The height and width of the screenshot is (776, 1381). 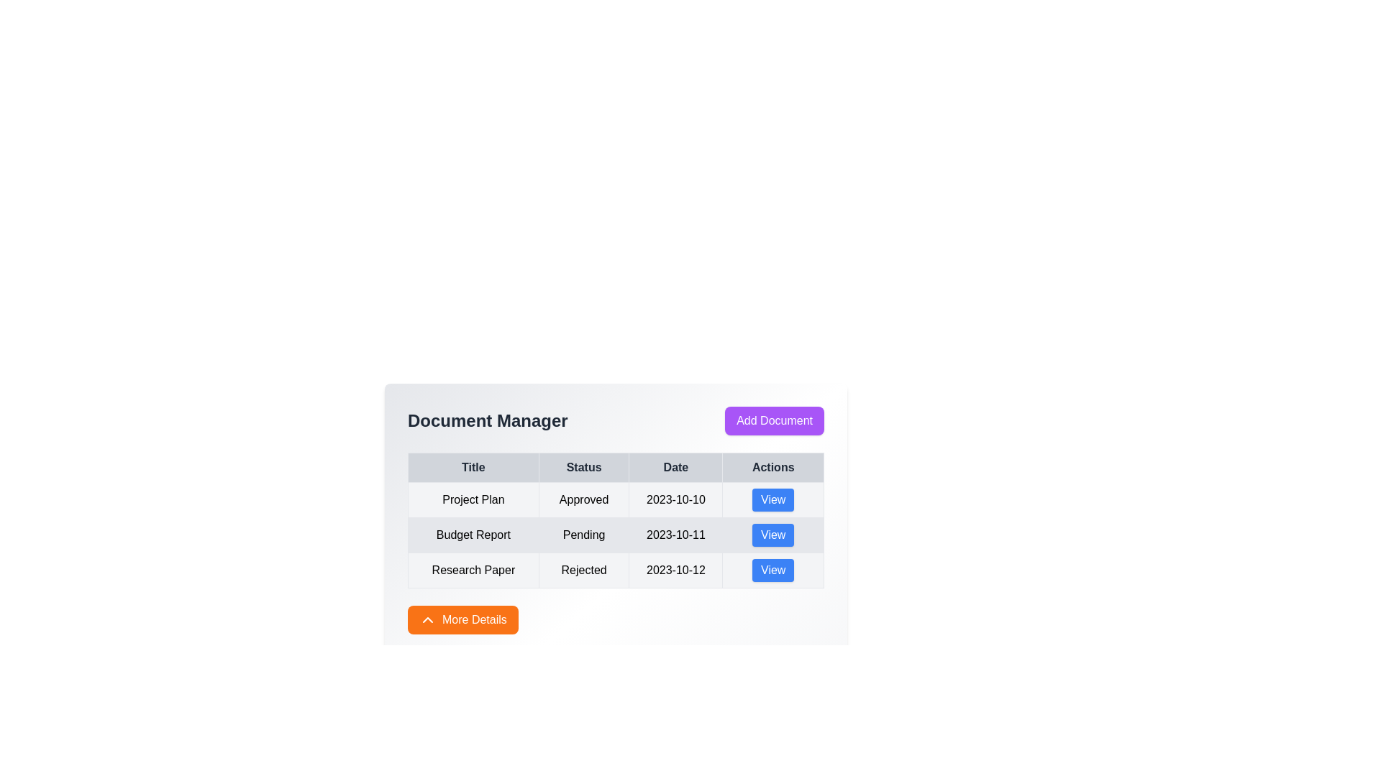 What do you see at coordinates (772, 499) in the screenshot?
I see `the 'View' button with a blue background and white text in the 'Actions' column under the 'Project Plan' entry to observe interactive changes` at bounding box center [772, 499].